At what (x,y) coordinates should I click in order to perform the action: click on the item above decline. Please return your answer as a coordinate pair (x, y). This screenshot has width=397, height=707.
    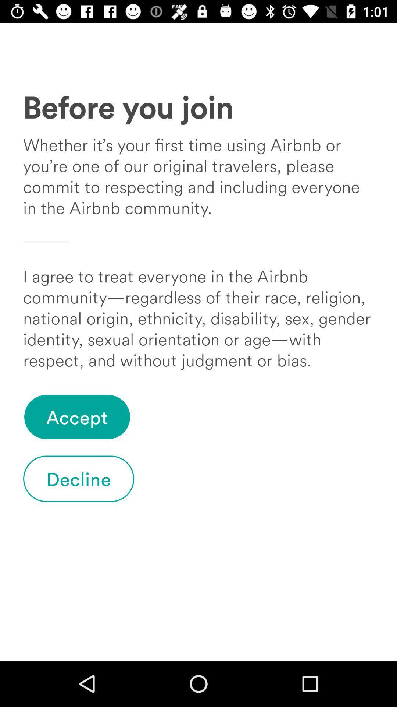
    Looking at the image, I should click on (77, 417).